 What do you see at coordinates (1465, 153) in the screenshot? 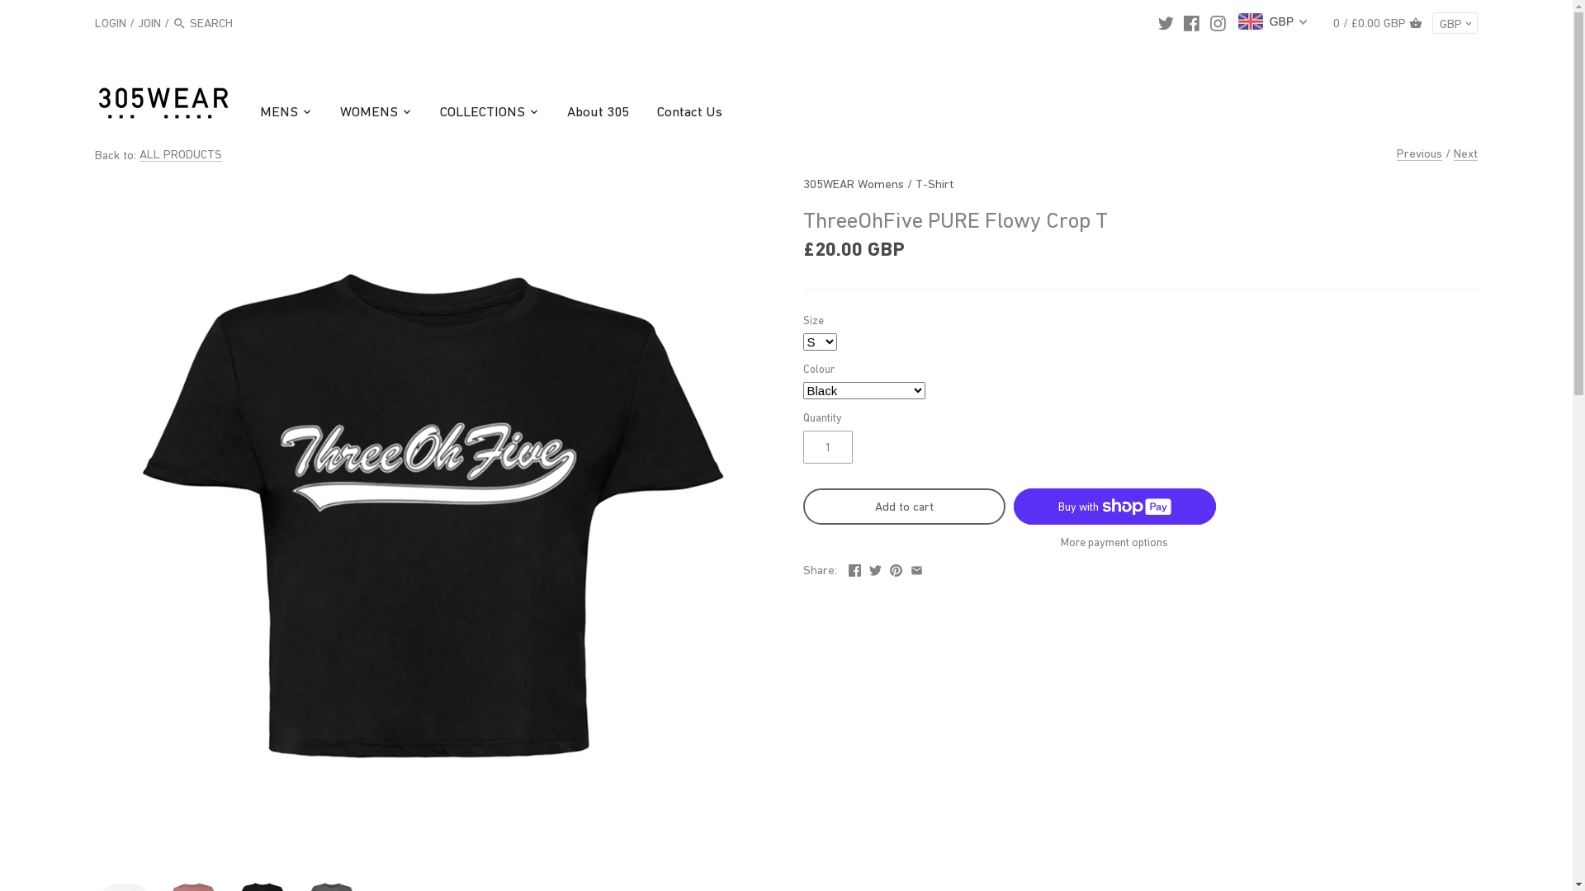
I see `'Next'` at bounding box center [1465, 153].